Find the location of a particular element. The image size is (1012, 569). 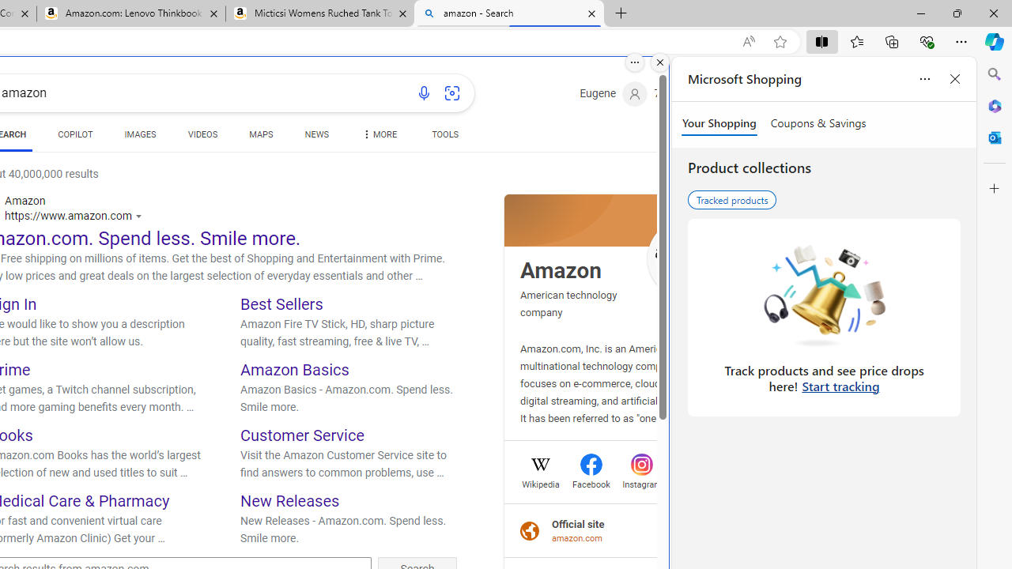

'More options.' is located at coordinates (635, 62).